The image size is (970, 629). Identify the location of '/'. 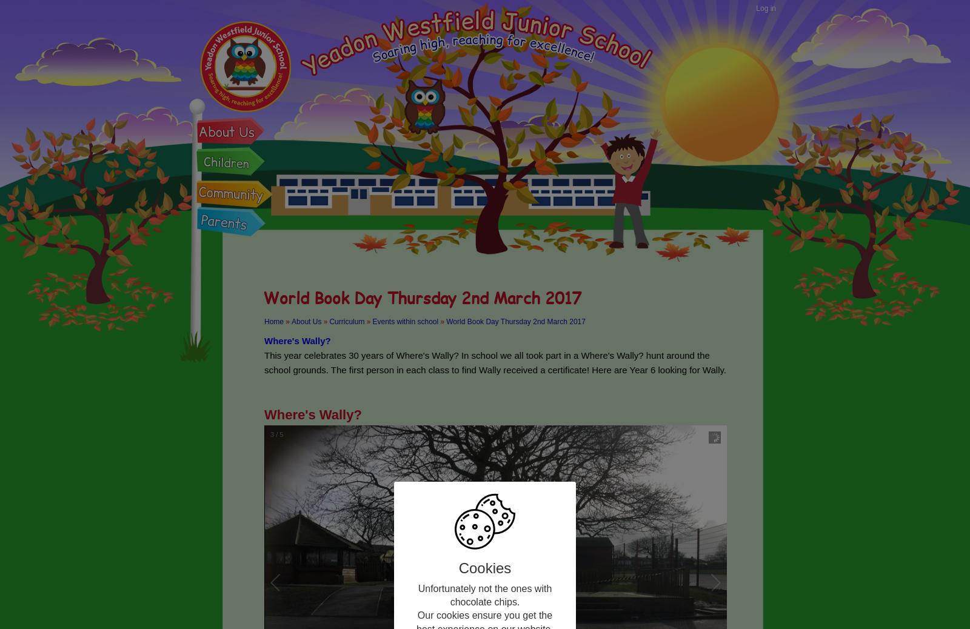
(276, 434).